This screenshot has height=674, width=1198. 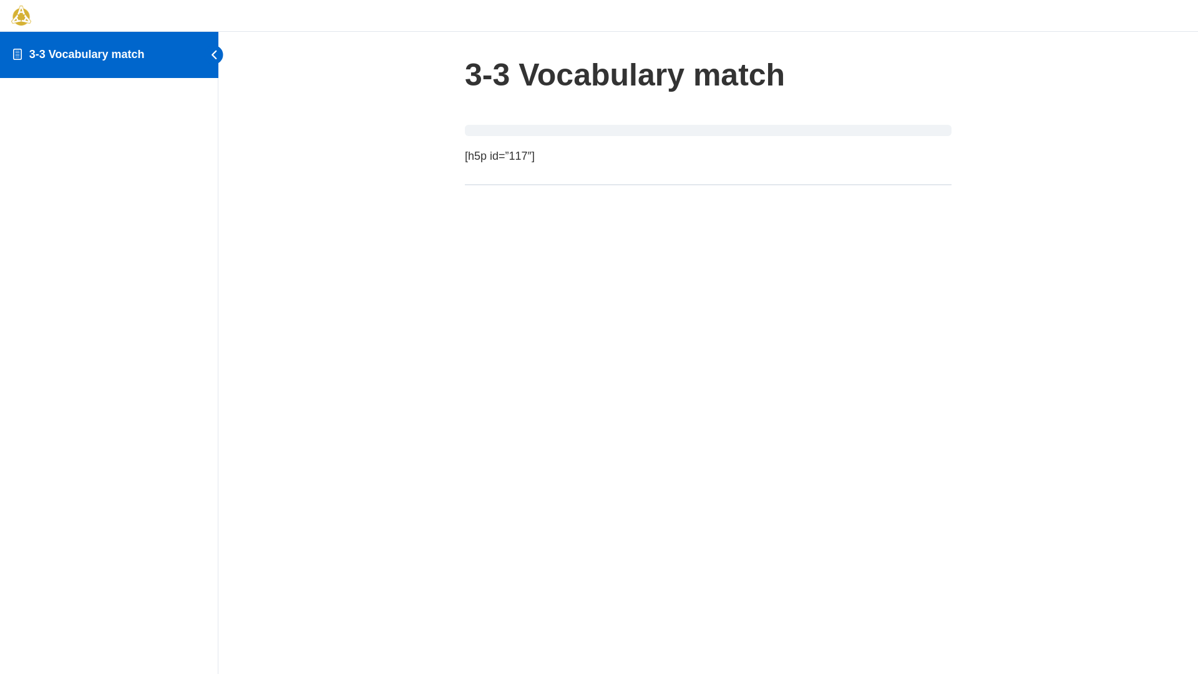 I want to click on '3-3 Vocabulary match', so click(x=86, y=54).